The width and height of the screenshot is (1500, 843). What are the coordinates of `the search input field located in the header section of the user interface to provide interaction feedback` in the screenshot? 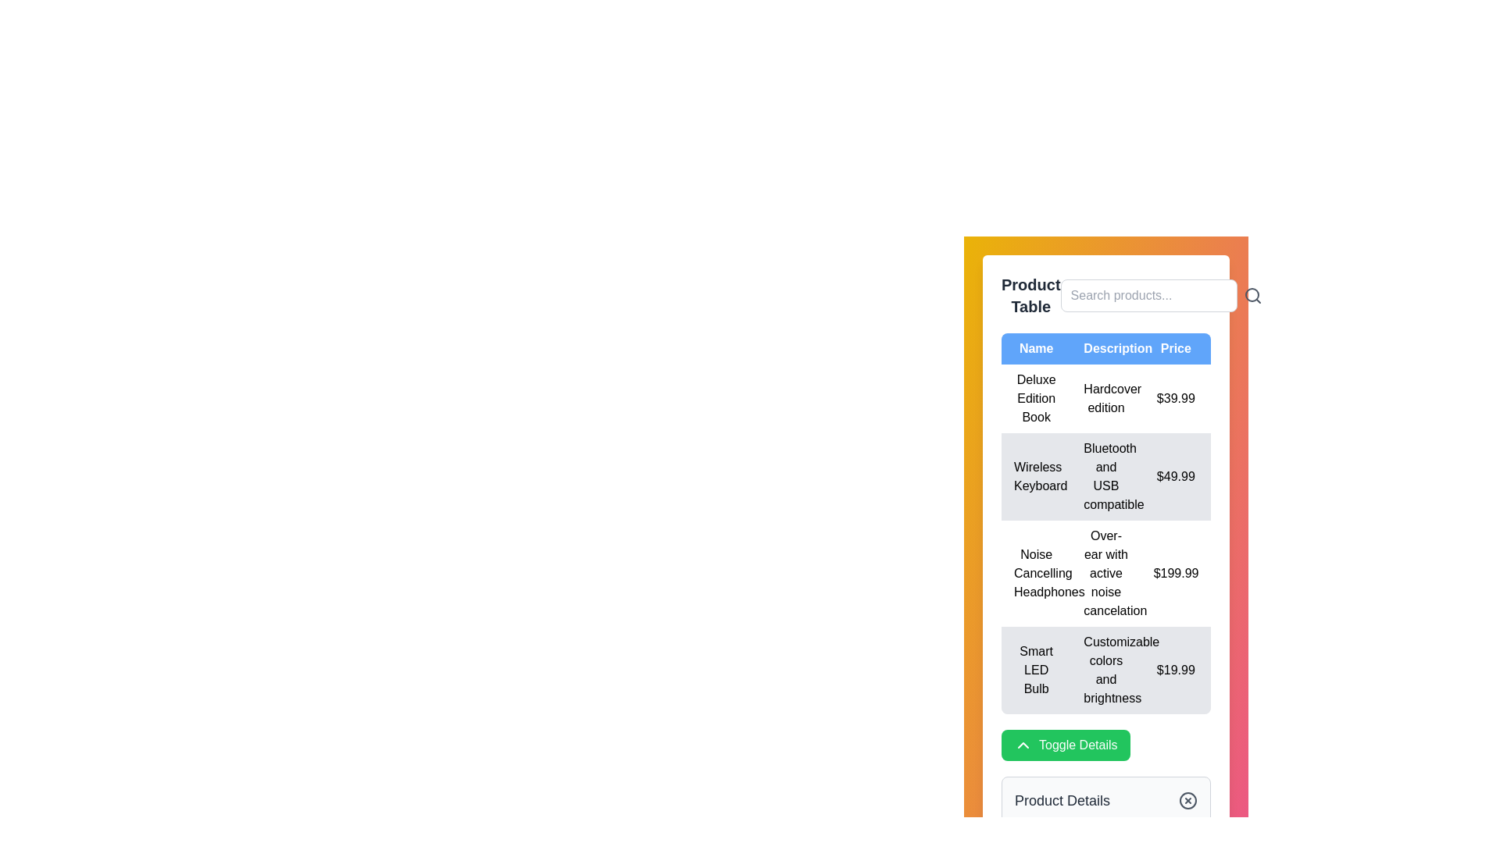 It's located at (1148, 295).